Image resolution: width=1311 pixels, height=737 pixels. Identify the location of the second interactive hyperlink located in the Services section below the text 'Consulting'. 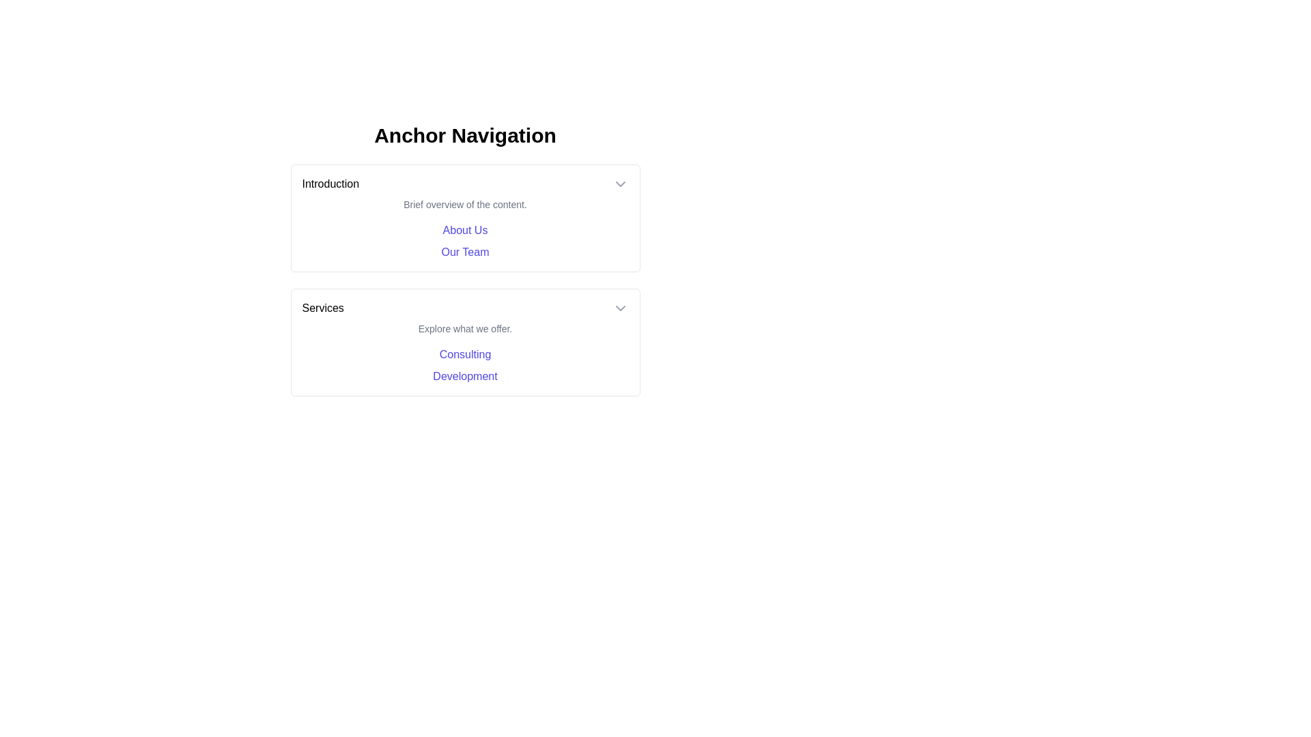
(465, 376).